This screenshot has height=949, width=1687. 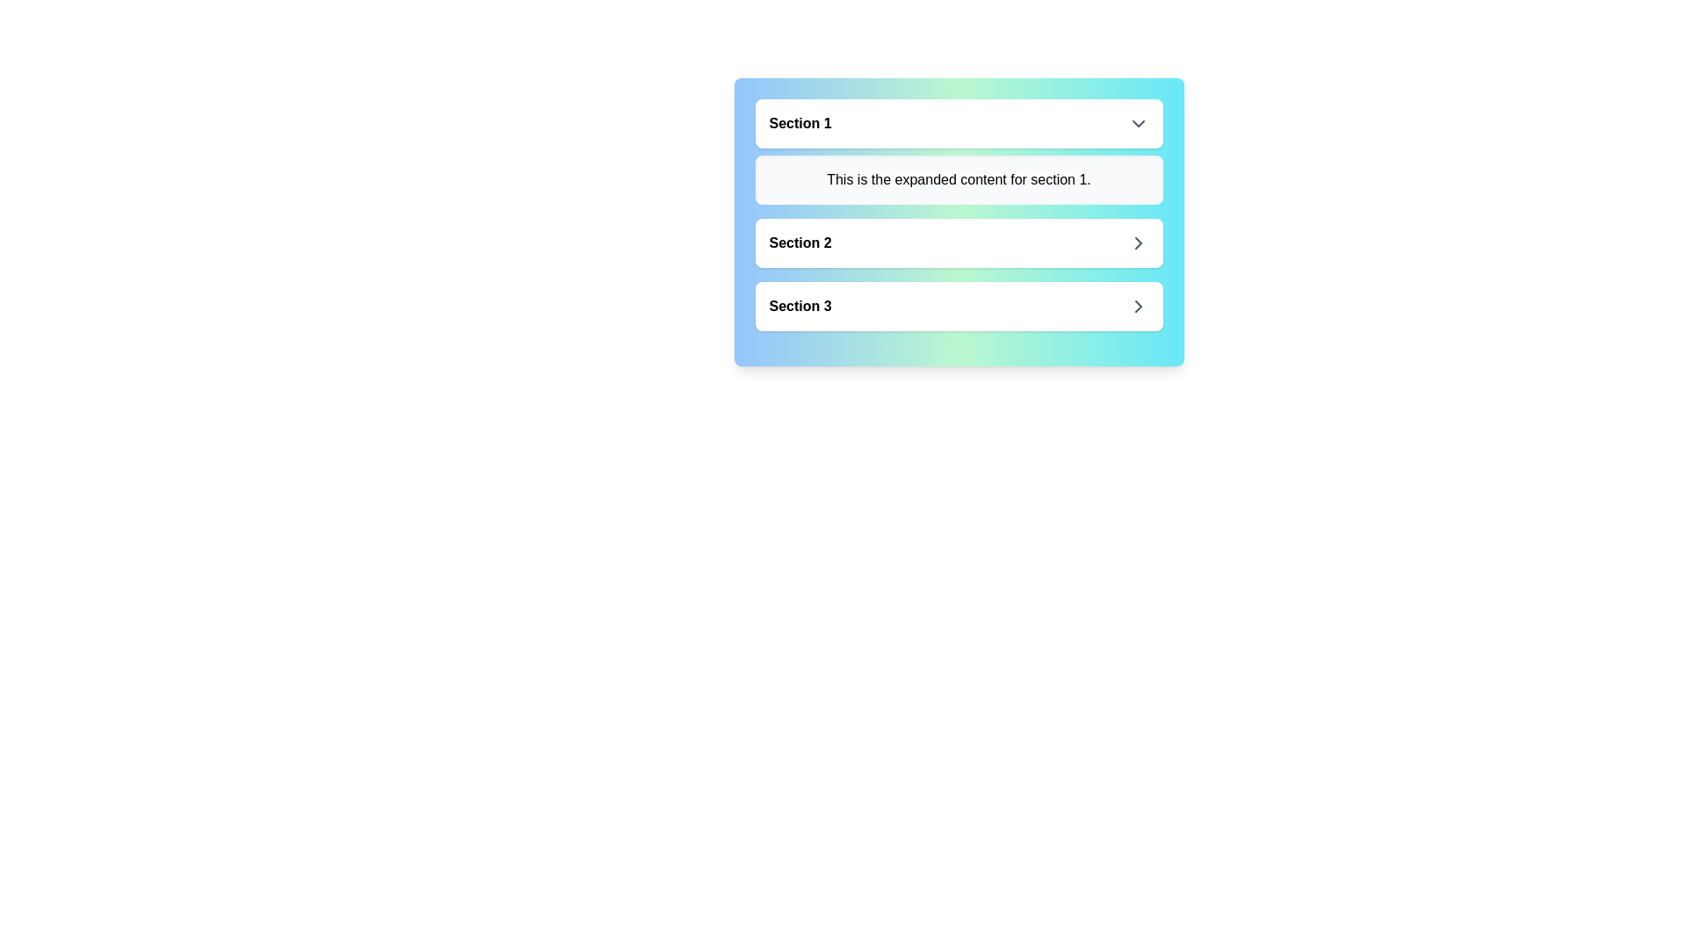 What do you see at coordinates (1138, 243) in the screenshot?
I see `the chevron arrow icon located at the right end of the 'Section 2' bar` at bounding box center [1138, 243].